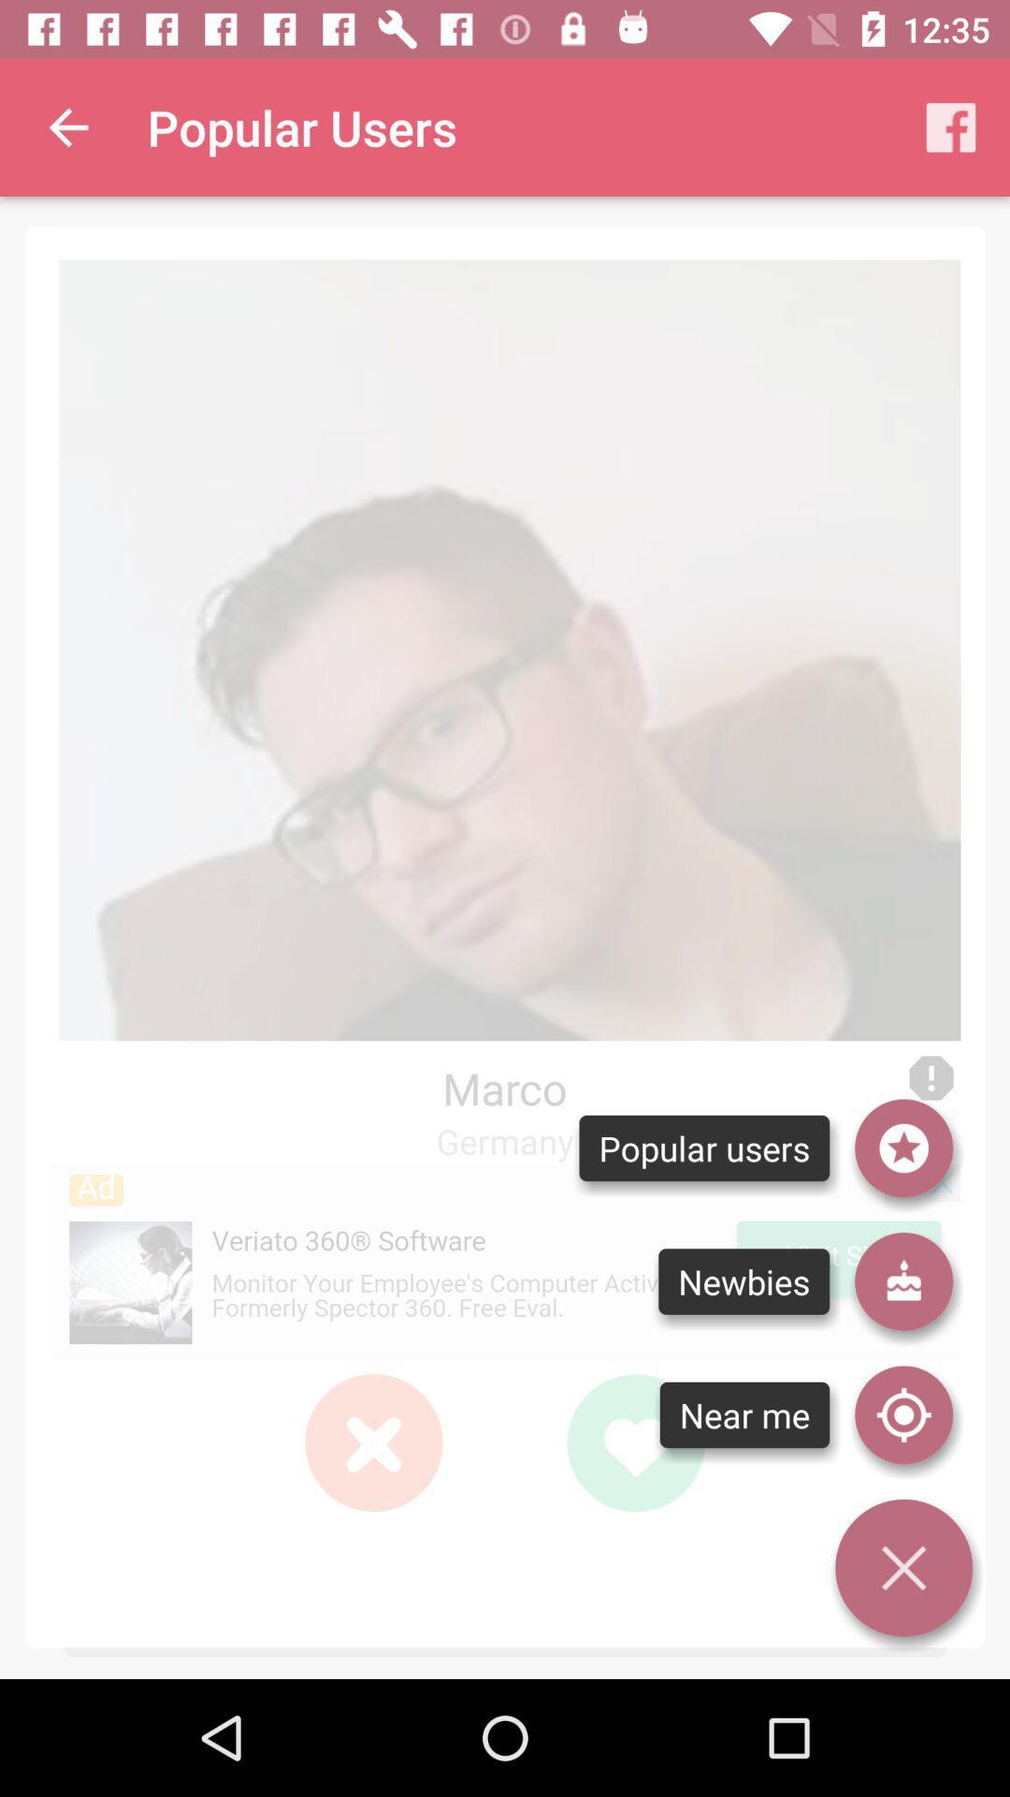 The height and width of the screenshot is (1797, 1010). What do you see at coordinates (374, 1441) in the screenshot?
I see `the close icon` at bounding box center [374, 1441].